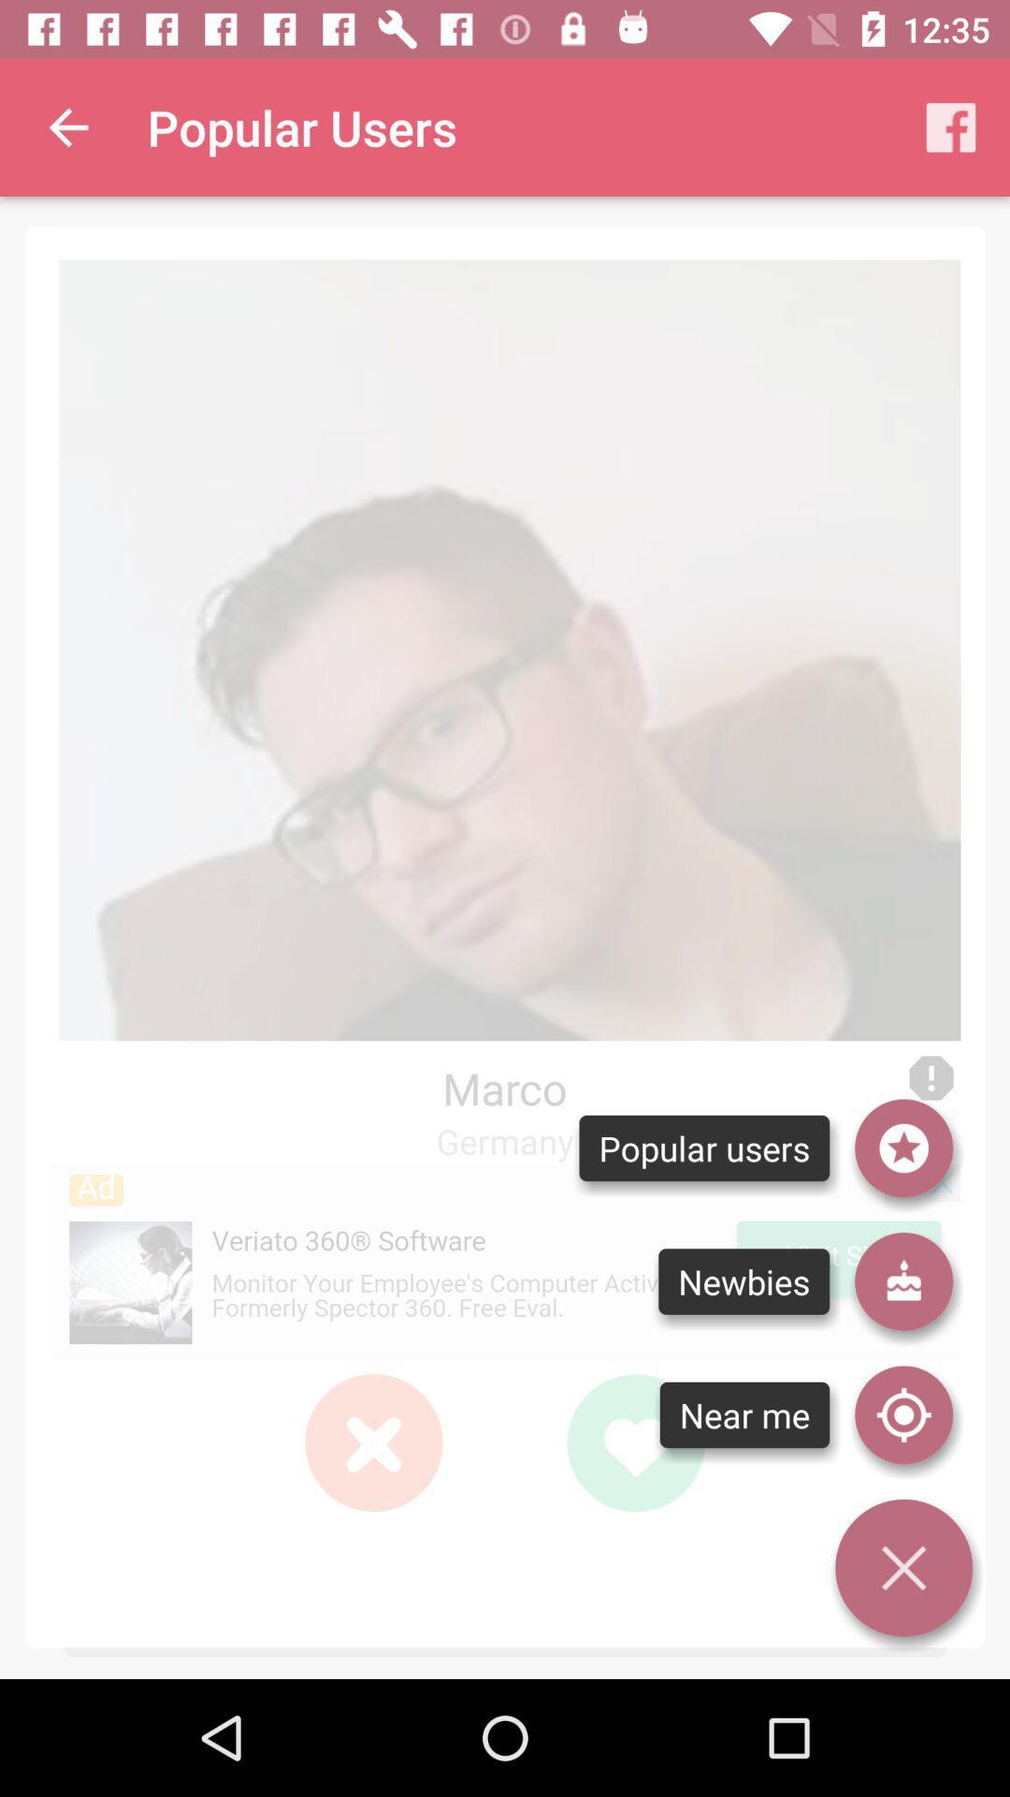 The height and width of the screenshot is (1797, 1010). What do you see at coordinates (374, 1441) in the screenshot?
I see `the close icon` at bounding box center [374, 1441].